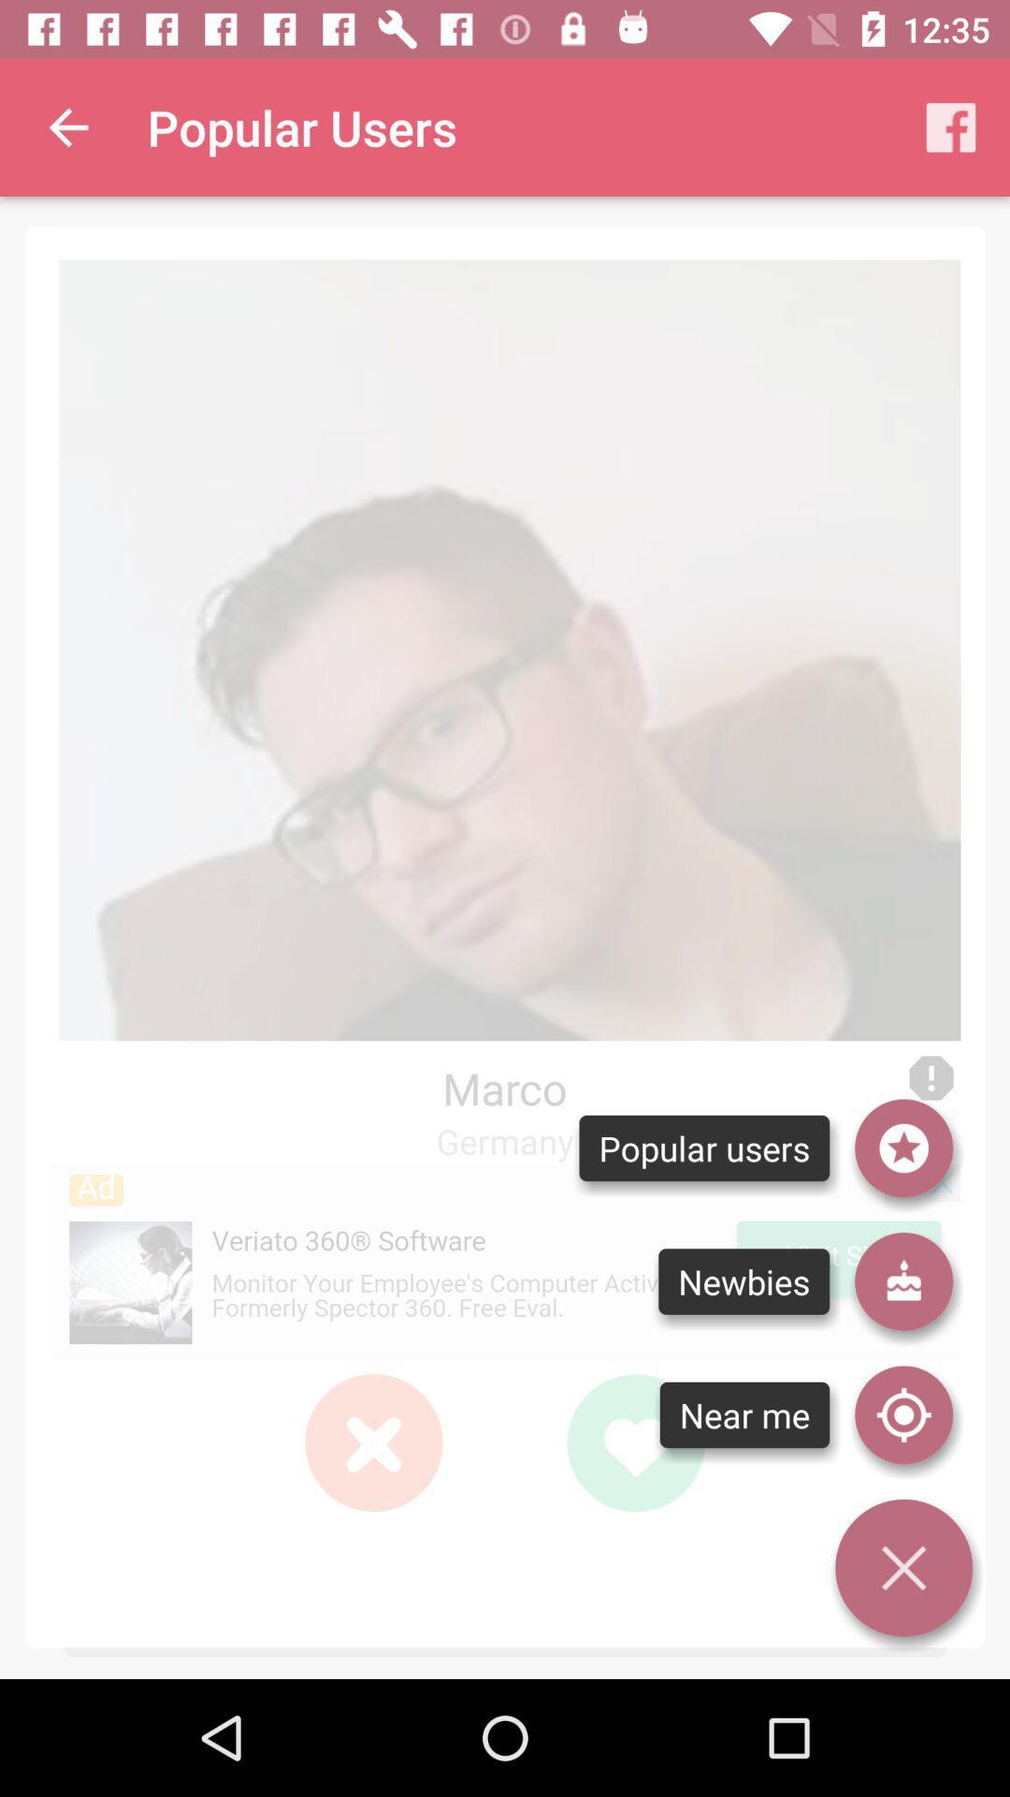 The height and width of the screenshot is (1797, 1010). What do you see at coordinates (374, 1441) in the screenshot?
I see `the close icon` at bounding box center [374, 1441].